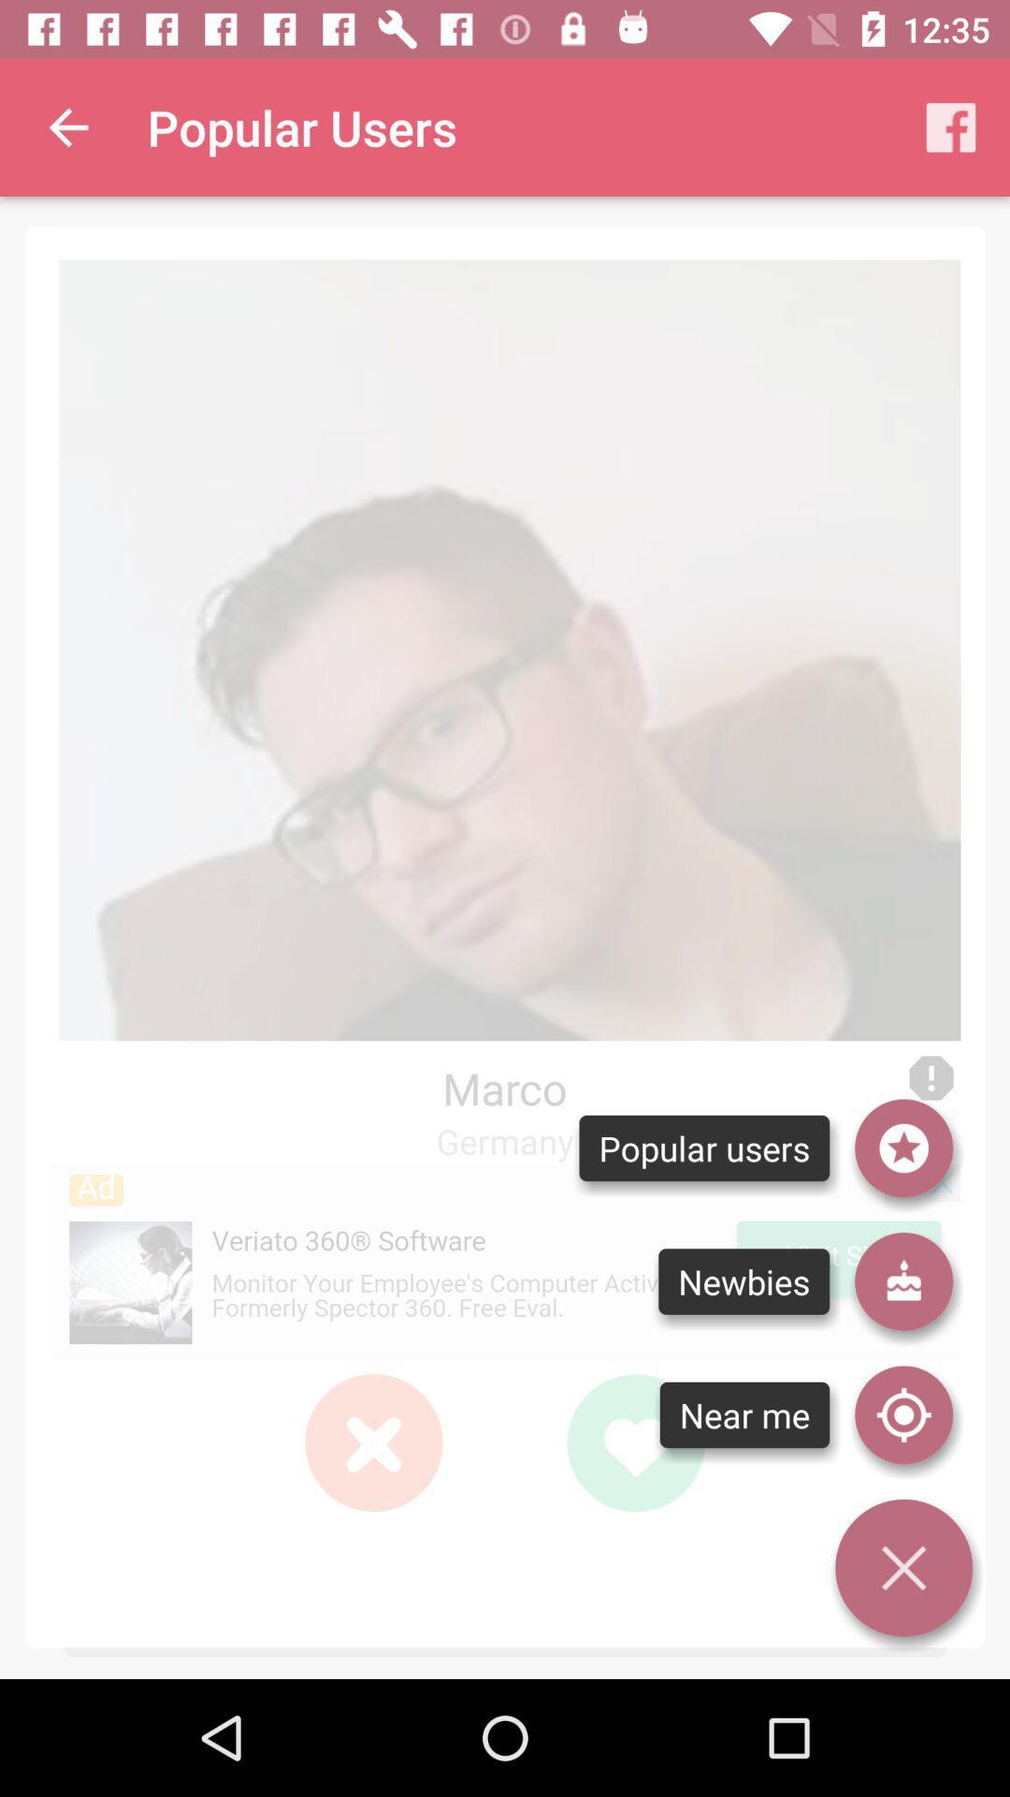 The height and width of the screenshot is (1797, 1010). What do you see at coordinates (374, 1441) in the screenshot?
I see `the close icon` at bounding box center [374, 1441].